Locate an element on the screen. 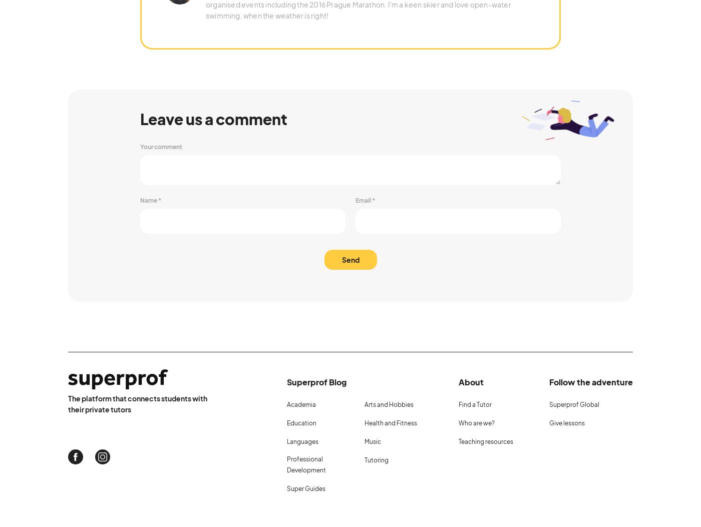  'Leave us a comment' is located at coordinates (214, 119).